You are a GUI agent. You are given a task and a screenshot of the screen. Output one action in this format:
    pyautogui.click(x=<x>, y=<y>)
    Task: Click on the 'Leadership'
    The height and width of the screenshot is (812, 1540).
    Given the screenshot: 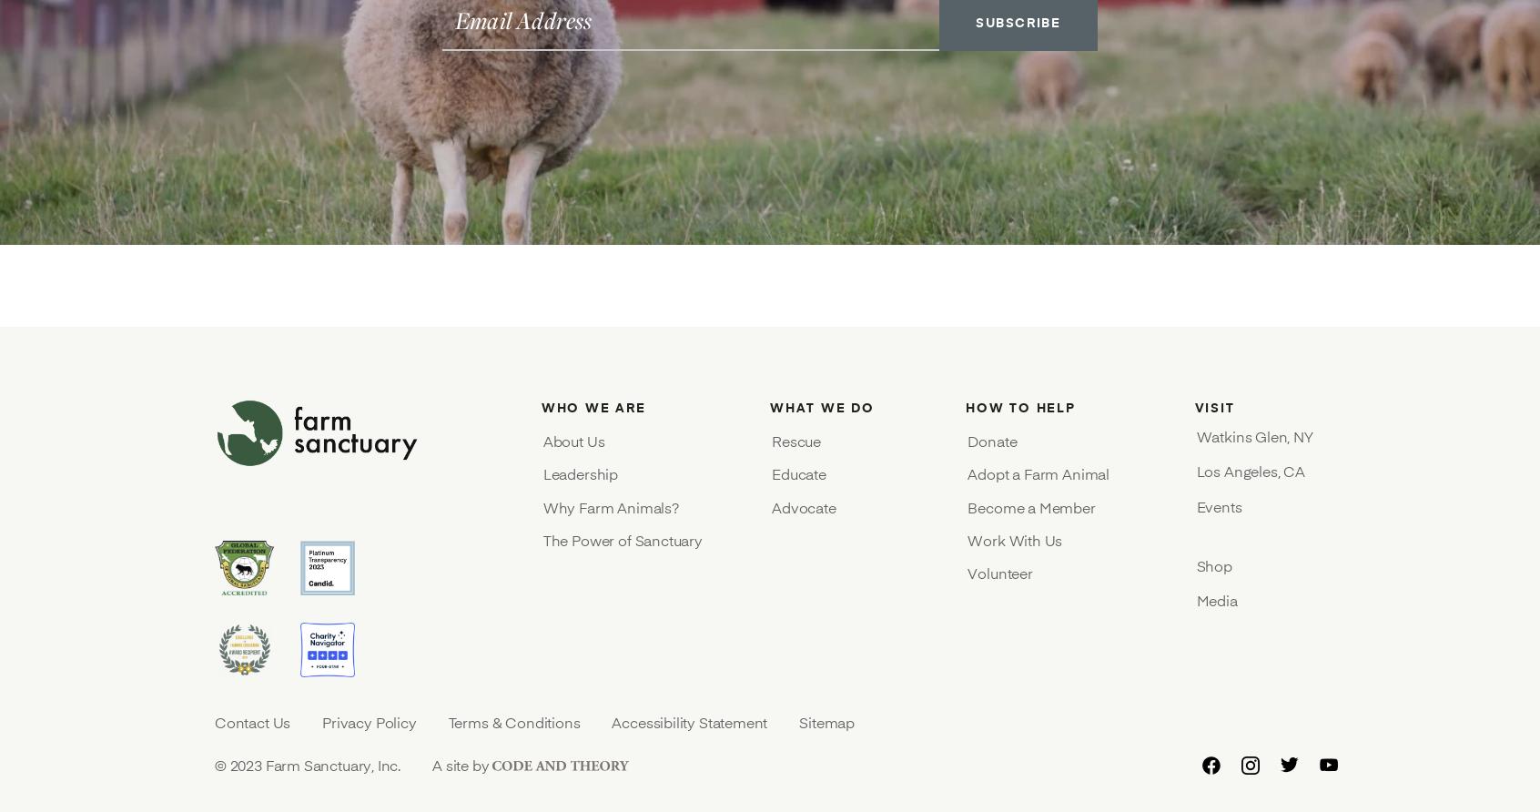 What is the action you would take?
    pyautogui.click(x=580, y=474)
    